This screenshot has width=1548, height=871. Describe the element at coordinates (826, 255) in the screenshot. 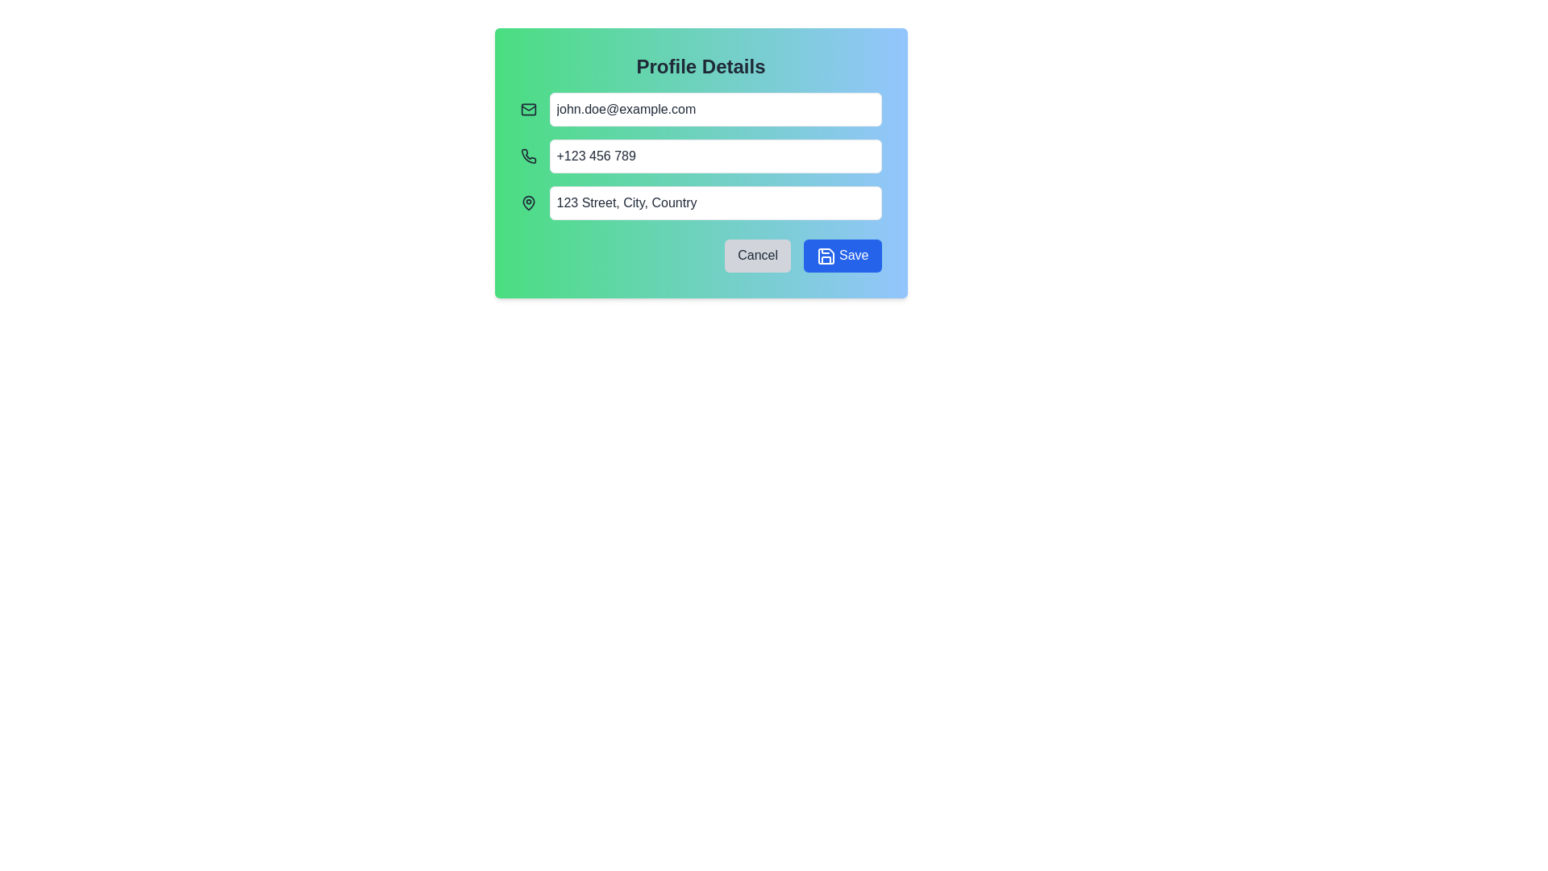

I see `the 'Save' button icon that resembles a floppy disk, located at the bottom-right corner of the 'Profile Details' form` at that location.